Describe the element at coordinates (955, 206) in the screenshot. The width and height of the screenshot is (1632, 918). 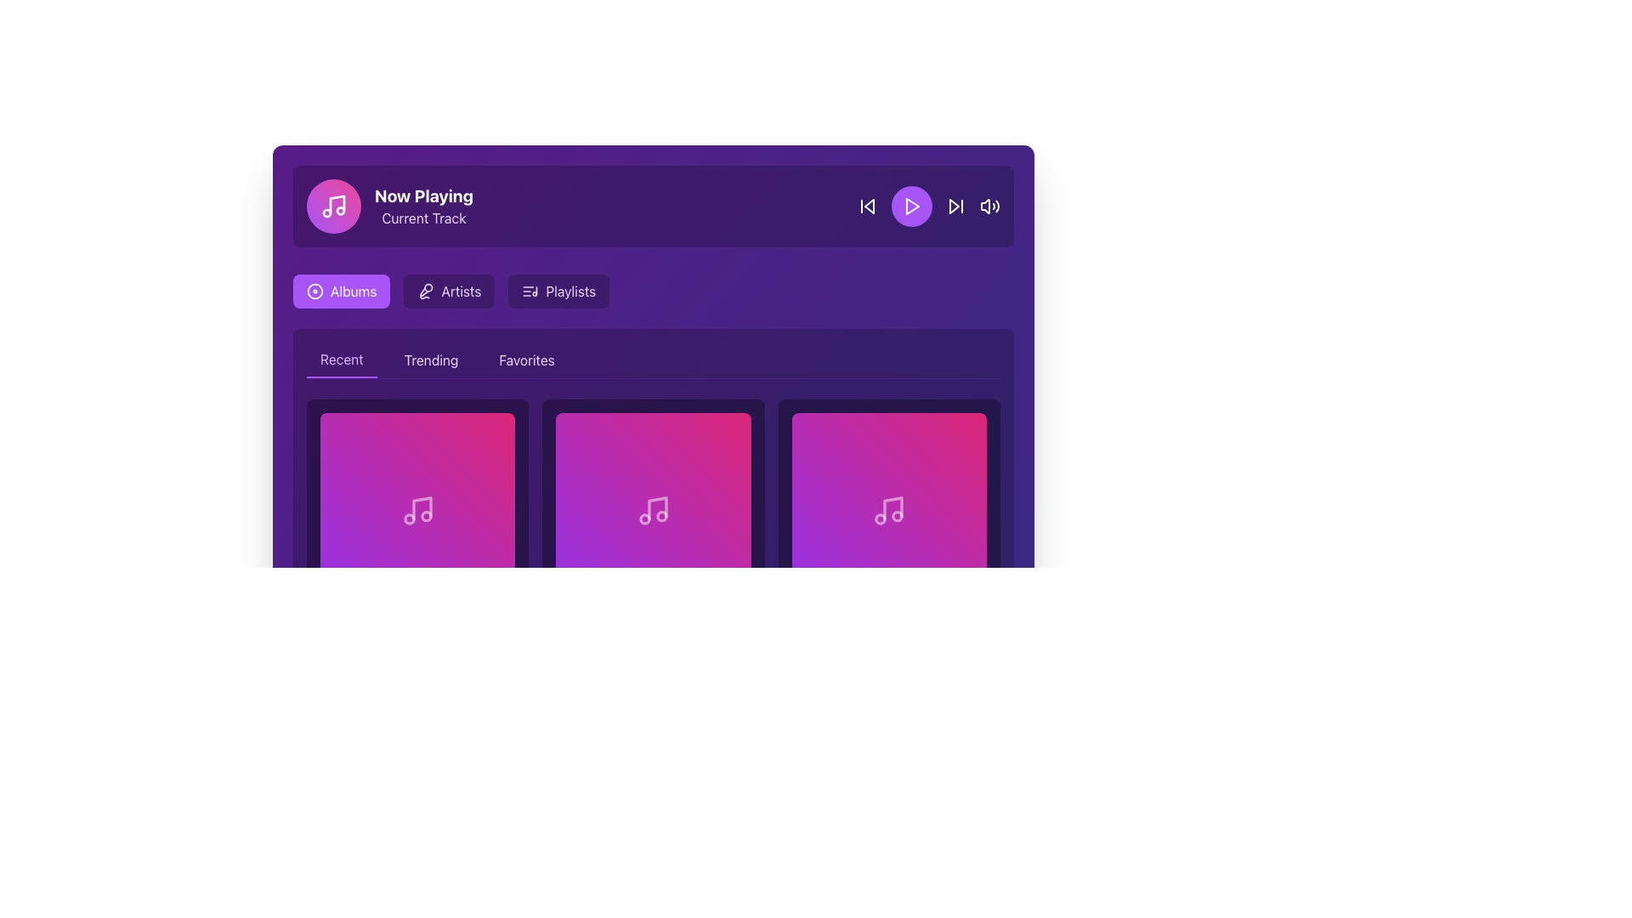
I see `the 'skip forward' button located in the top-right corner of the control bar` at that location.